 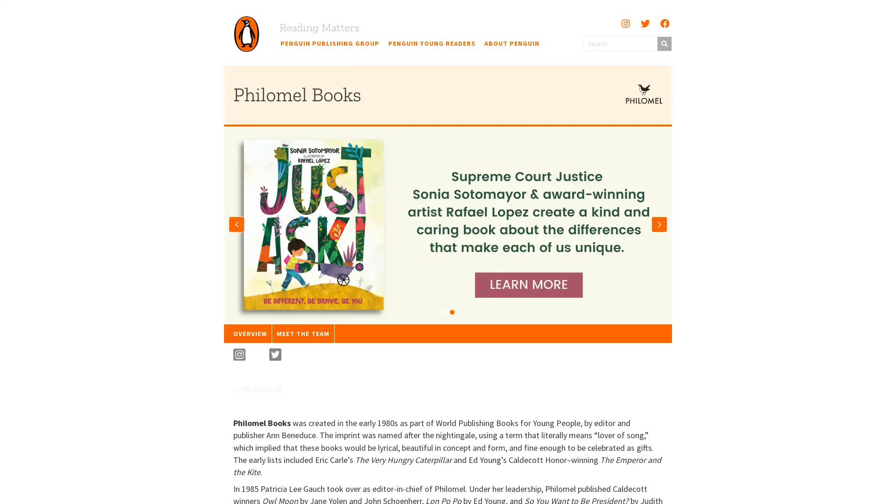 I want to click on Previous slide, so click(x=237, y=224).